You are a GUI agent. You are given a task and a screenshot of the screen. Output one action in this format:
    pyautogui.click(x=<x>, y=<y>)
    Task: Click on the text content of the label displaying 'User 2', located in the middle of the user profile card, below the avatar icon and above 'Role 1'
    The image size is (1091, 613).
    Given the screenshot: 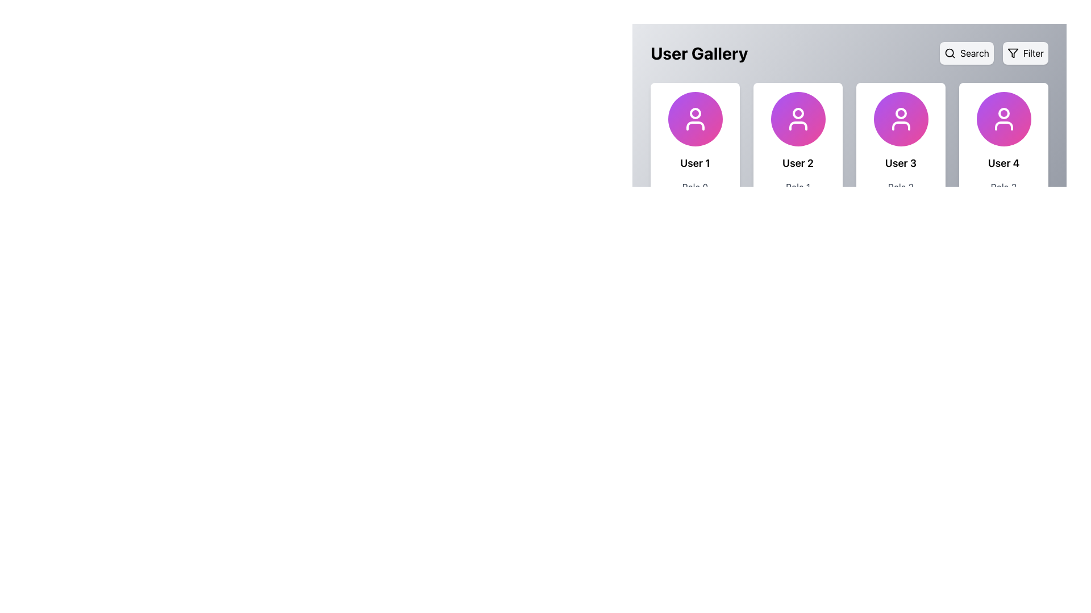 What is the action you would take?
    pyautogui.click(x=797, y=163)
    